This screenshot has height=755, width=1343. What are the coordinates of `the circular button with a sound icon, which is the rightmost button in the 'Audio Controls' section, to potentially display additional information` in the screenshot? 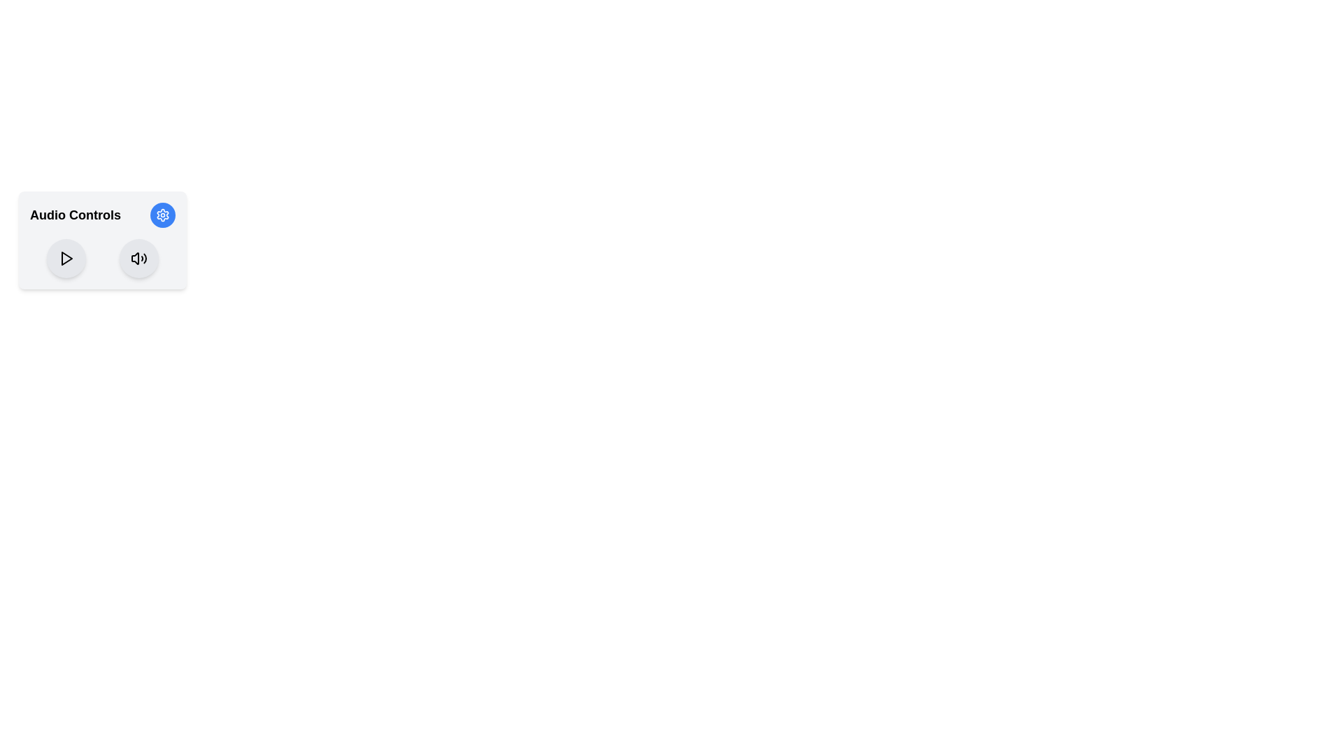 It's located at (138, 259).